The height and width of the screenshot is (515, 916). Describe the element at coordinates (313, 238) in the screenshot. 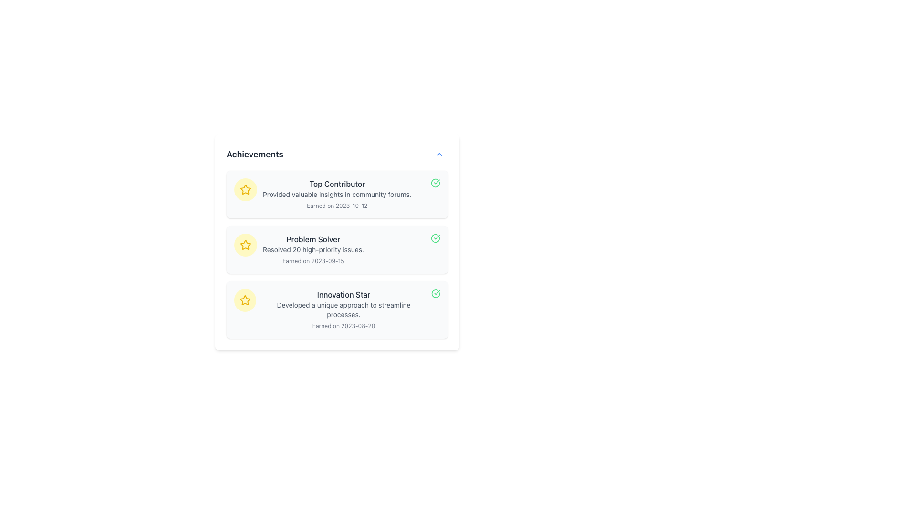

I see `the text label displaying the title of the achievement category, which is positioned on the second card in the vertical list of achievement cards, above the 'Innovation Star' card and below the 'Top Contributor' card` at that location.